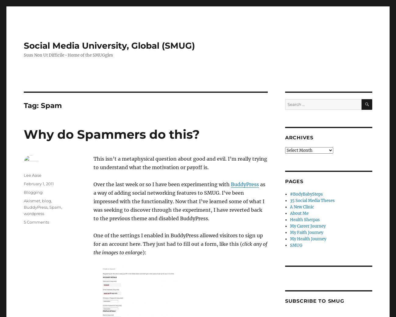 This screenshot has height=317, width=396. Describe the element at coordinates (179, 163) in the screenshot. I see `'This isn’t a metaphysical question about good and evil. I’m really trying to understand what the motivation or payoff is.'` at that location.